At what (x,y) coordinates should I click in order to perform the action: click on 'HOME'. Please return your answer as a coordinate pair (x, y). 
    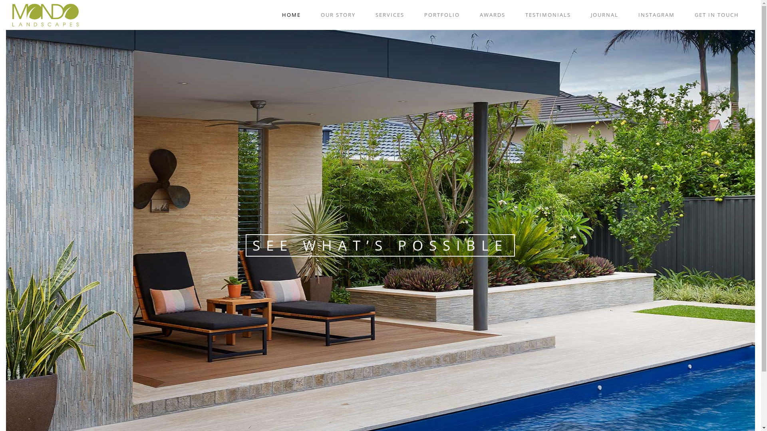
    Looking at the image, I should click on (272, 15).